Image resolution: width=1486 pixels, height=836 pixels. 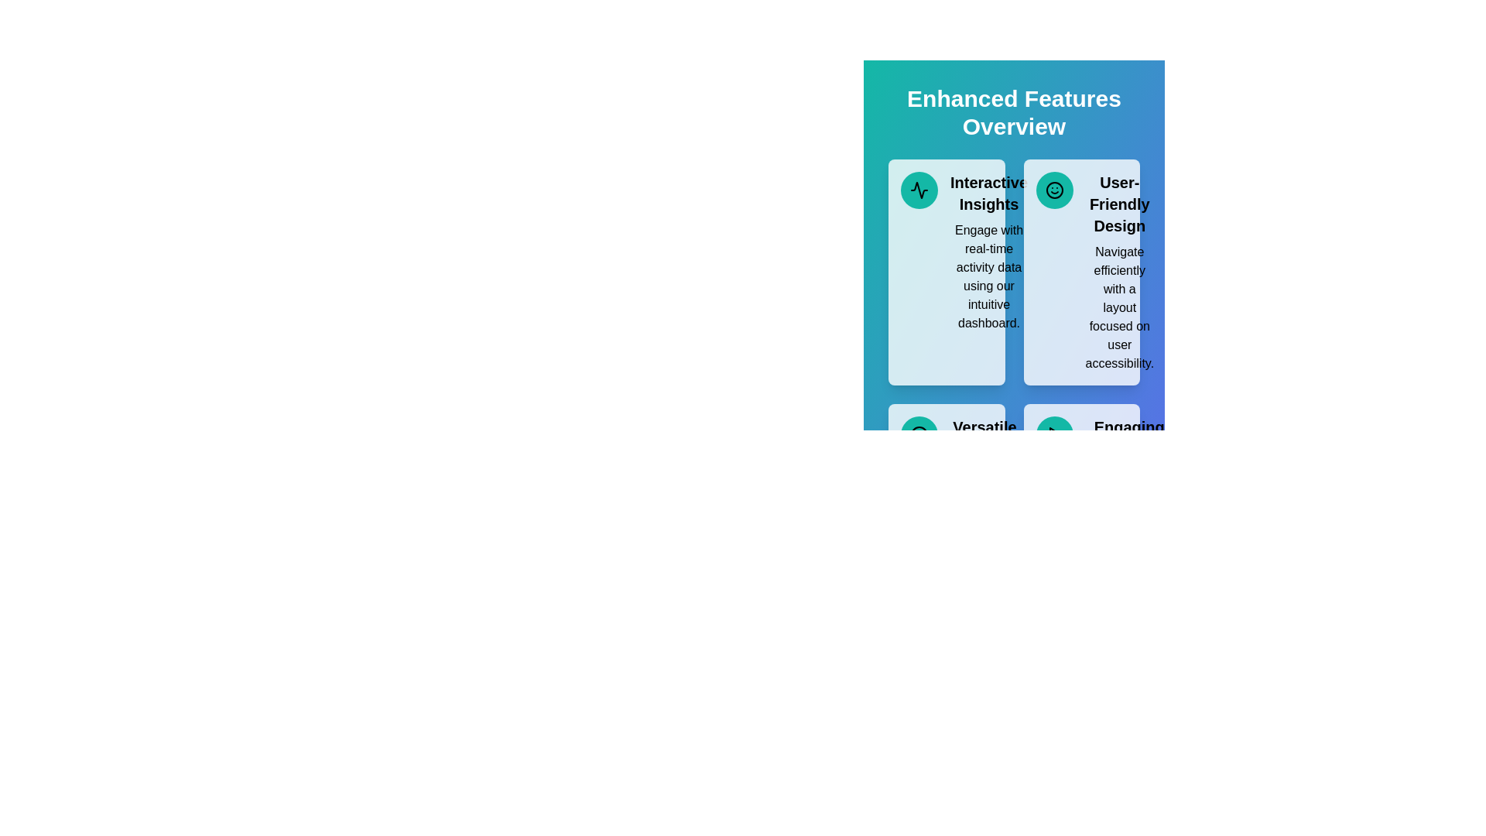 I want to click on the 'play' or 'start' icon located centrally in the lower section of the interface, directly below the feature cards, so click(x=1054, y=435).